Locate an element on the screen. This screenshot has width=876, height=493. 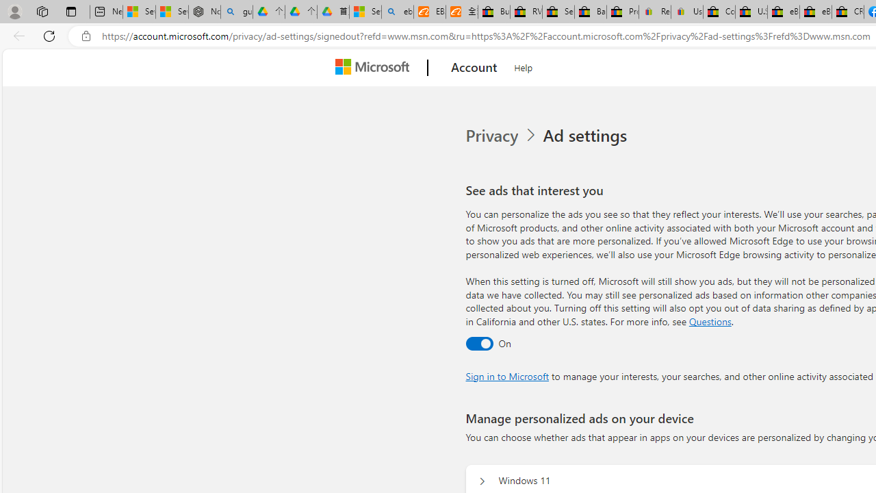
'Consumer Health Data Privacy Policy - eBay Inc.' is located at coordinates (718, 12).